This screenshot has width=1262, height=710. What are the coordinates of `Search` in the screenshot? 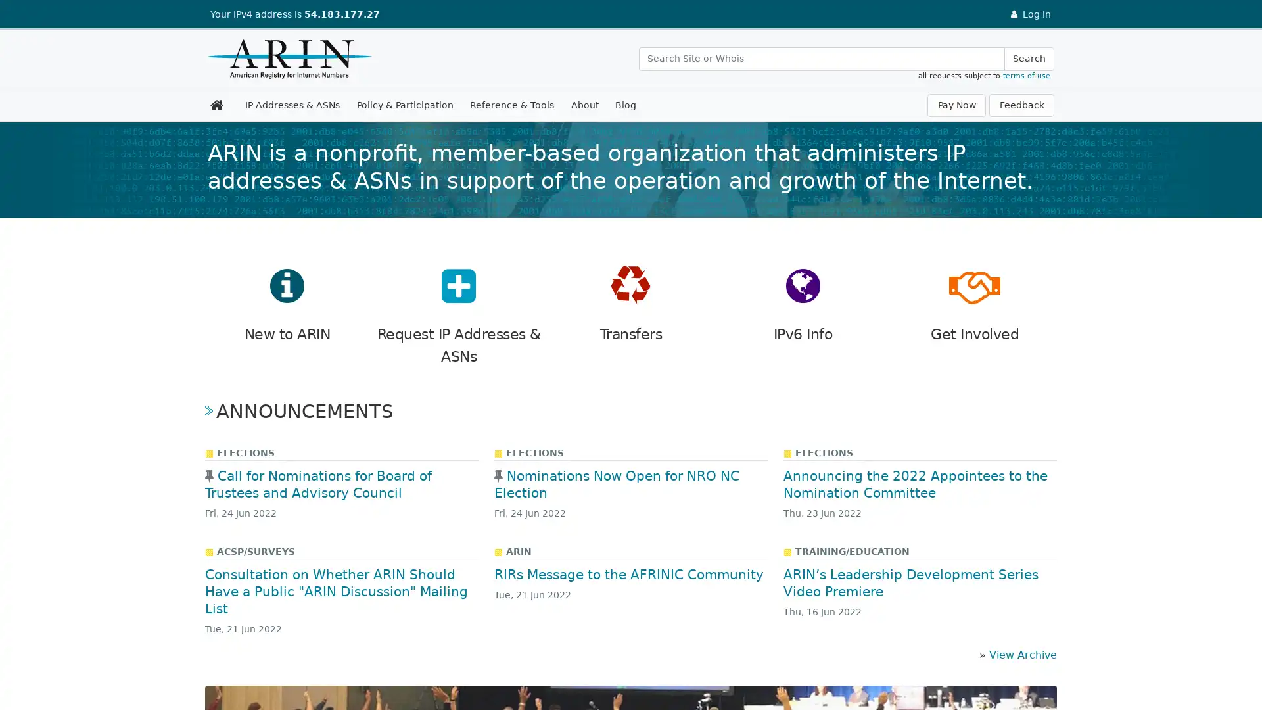 It's located at (1028, 58).